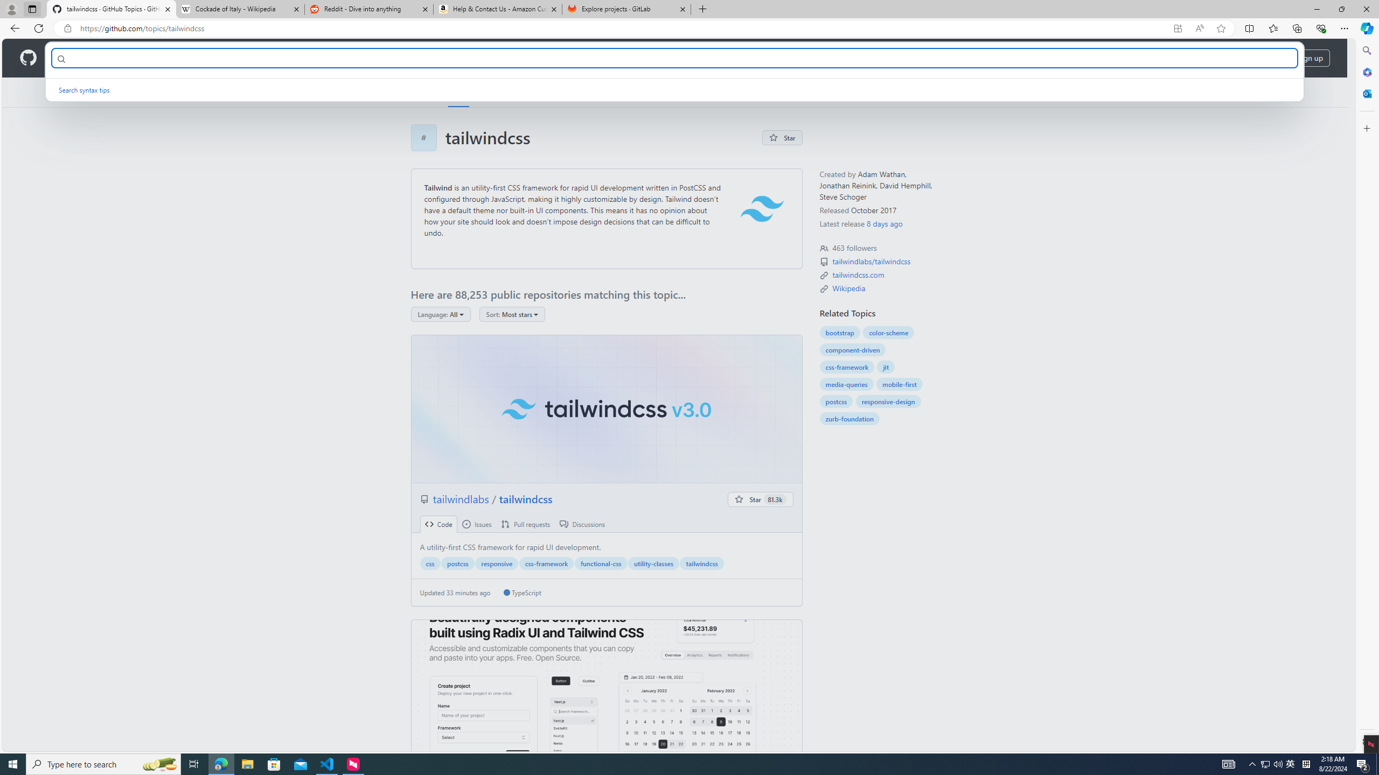 The height and width of the screenshot is (775, 1379). What do you see at coordinates (70, 58) in the screenshot?
I see `'Product'` at bounding box center [70, 58].